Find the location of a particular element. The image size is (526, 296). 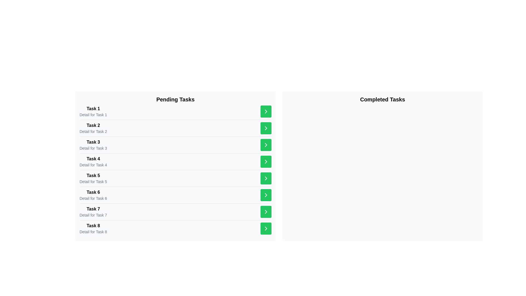

the green circular button in the eighth row of the 'Pending Tasks' panel to trigger a tooltip or visual cue is located at coordinates (266, 228).